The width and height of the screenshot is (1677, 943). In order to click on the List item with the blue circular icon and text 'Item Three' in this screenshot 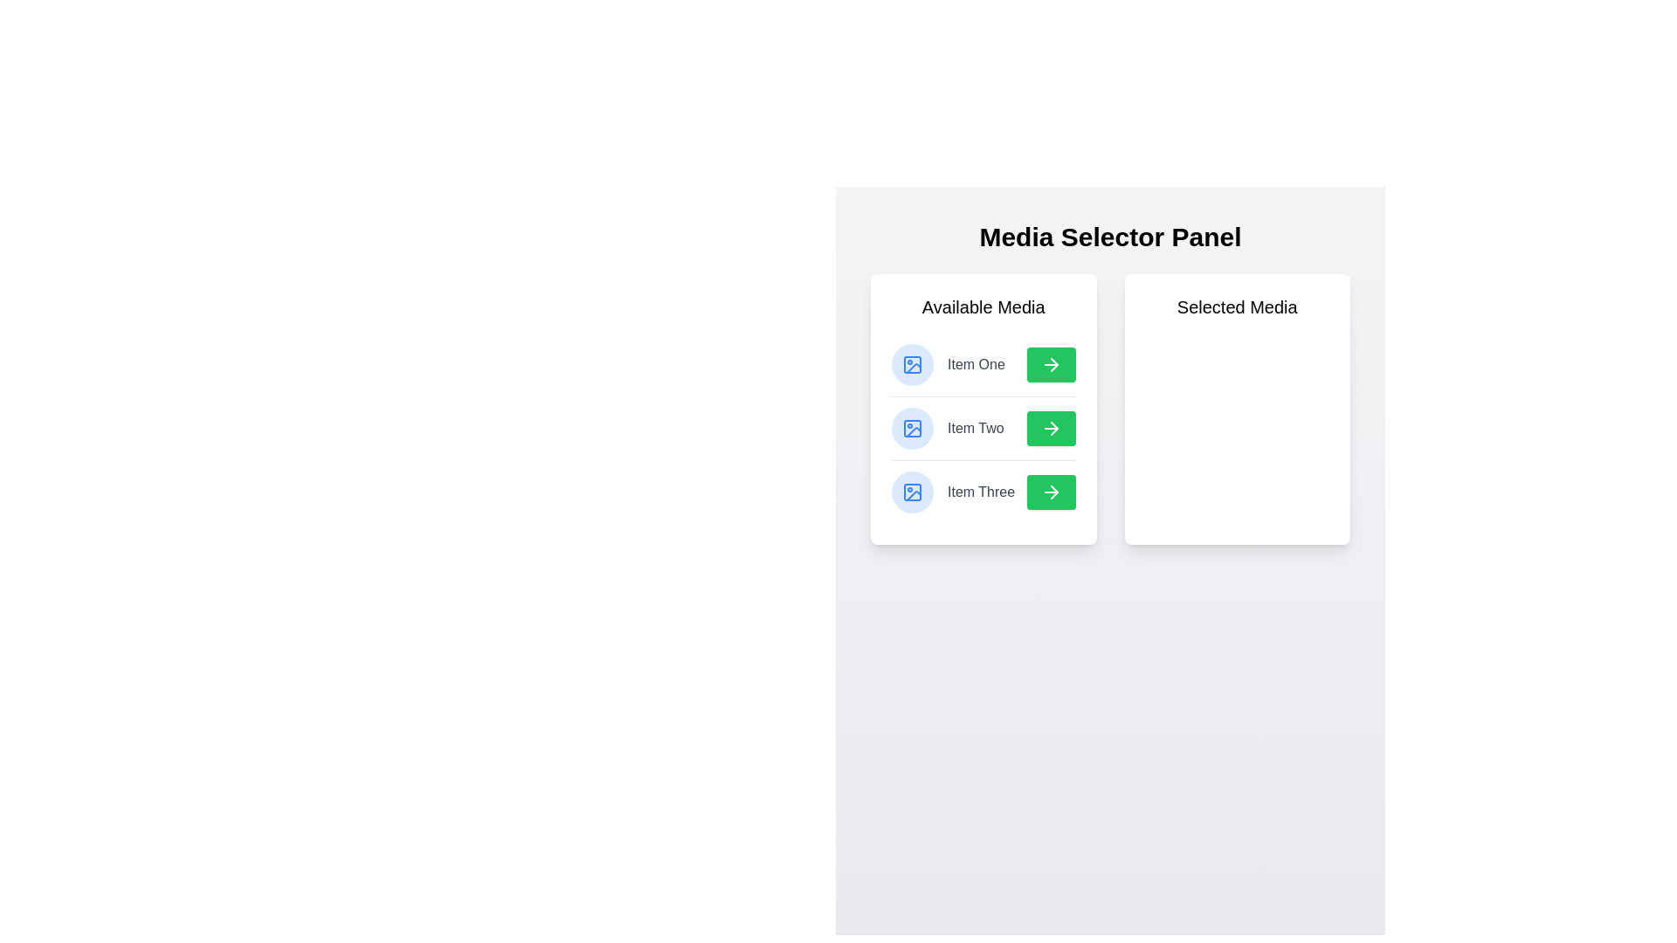, I will do `click(952, 492)`.